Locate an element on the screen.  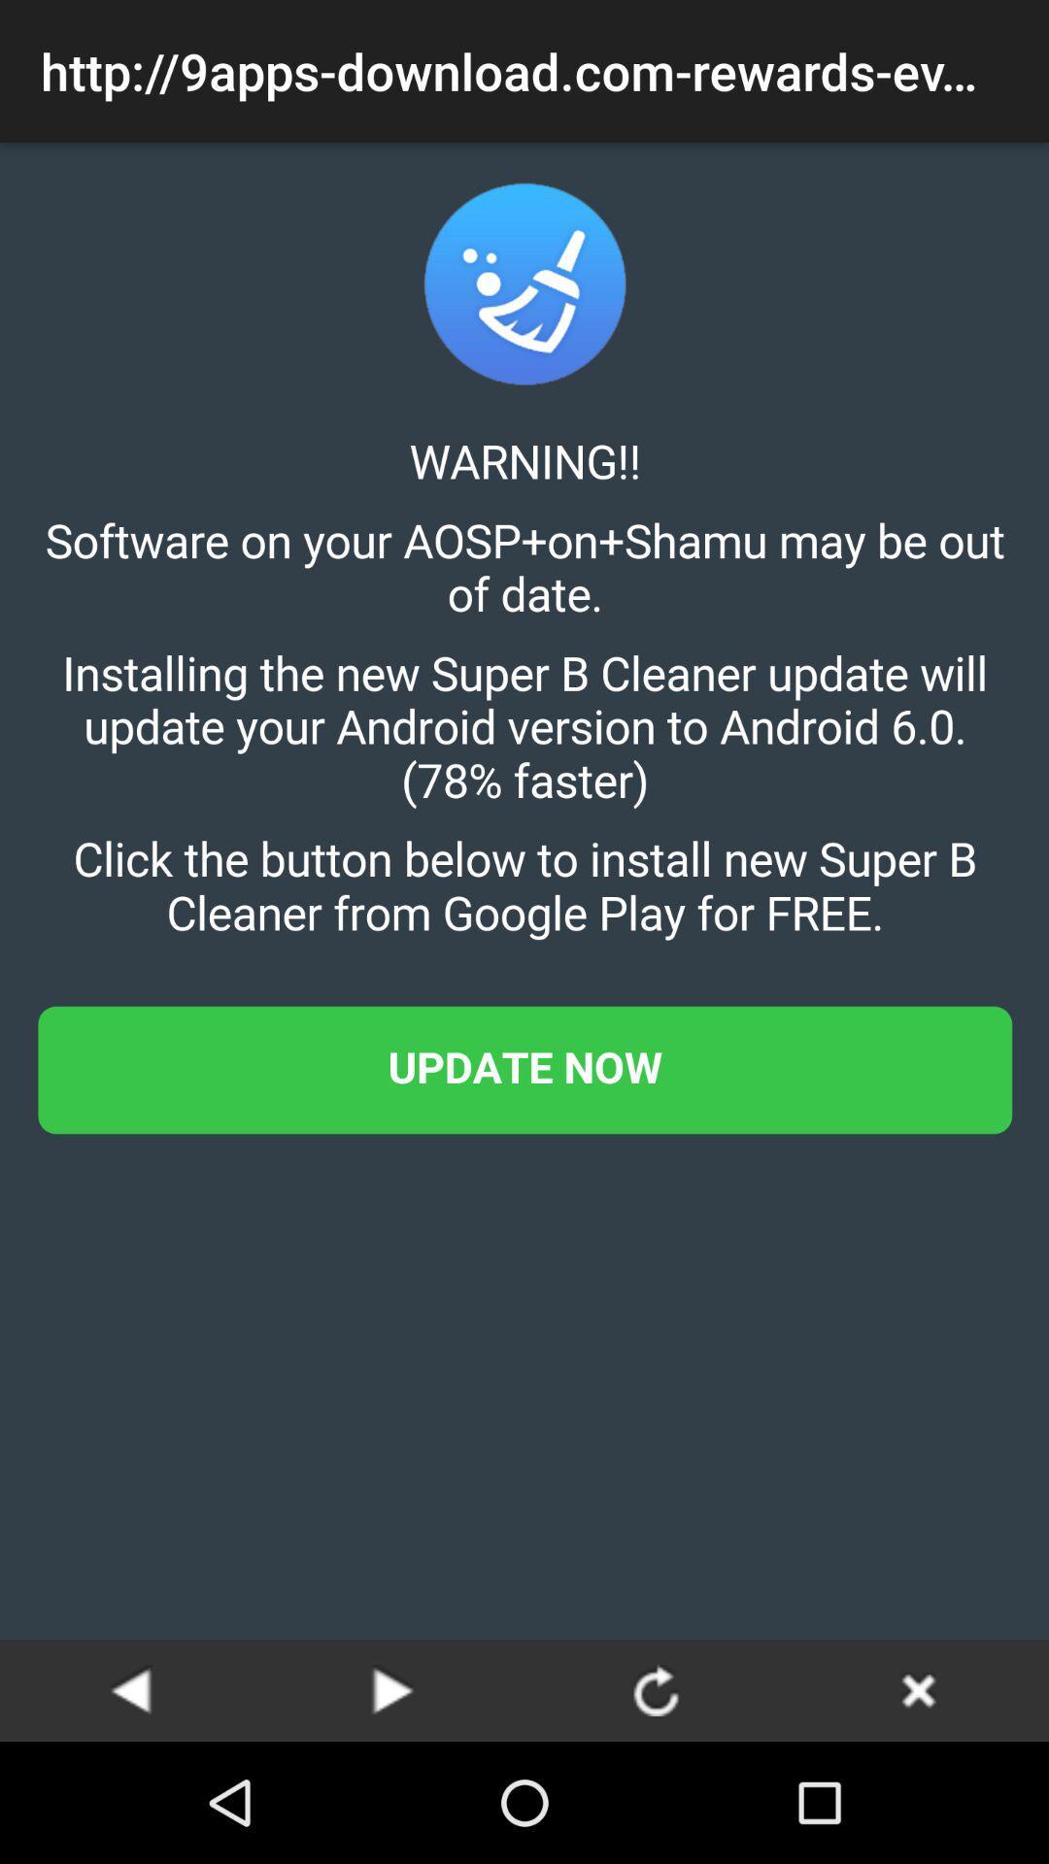
play is located at coordinates (393, 1689).